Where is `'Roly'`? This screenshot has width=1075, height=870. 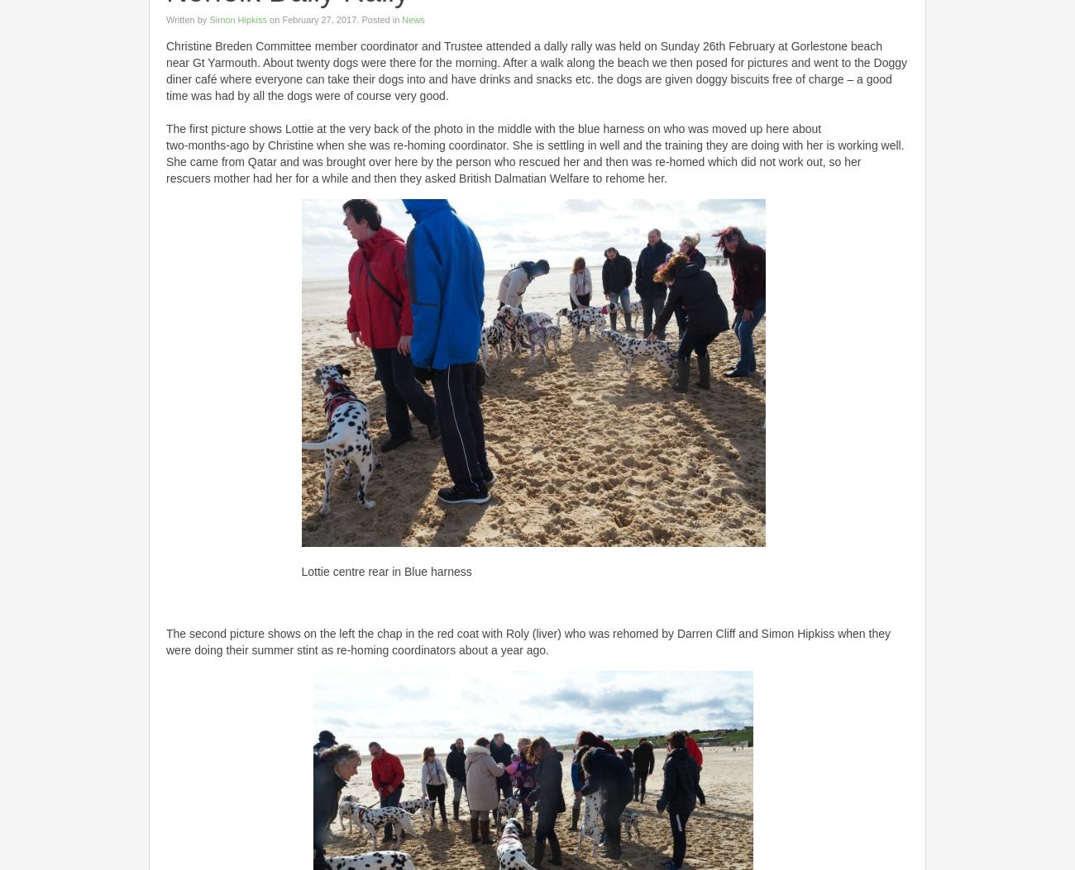 'Roly' is located at coordinates (517, 631).